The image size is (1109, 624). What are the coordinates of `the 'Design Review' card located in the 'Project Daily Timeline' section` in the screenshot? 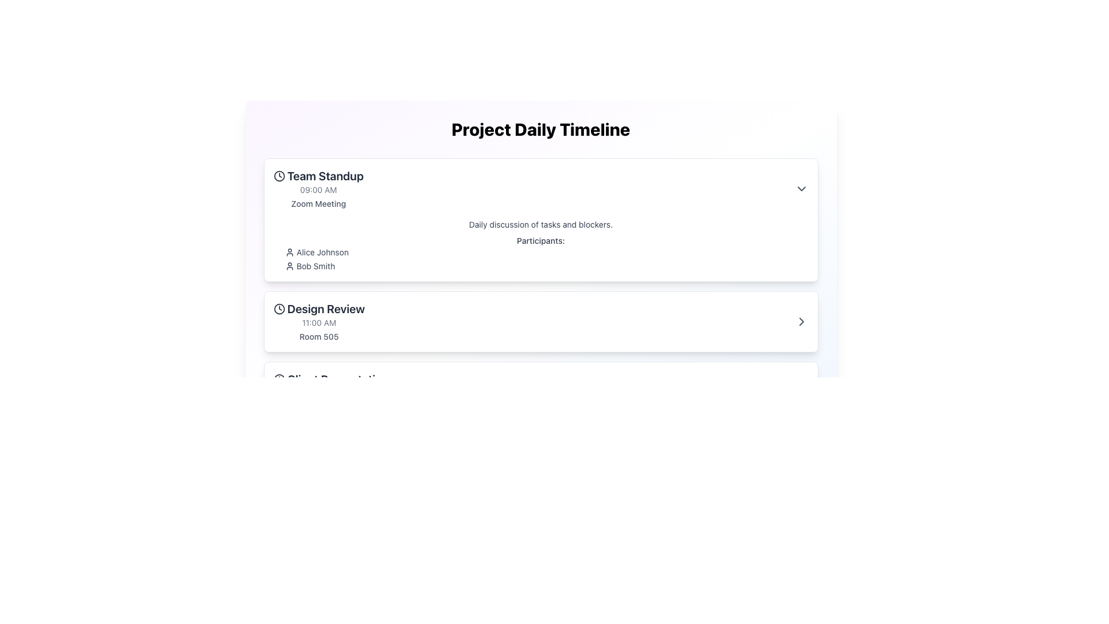 It's located at (319, 321).